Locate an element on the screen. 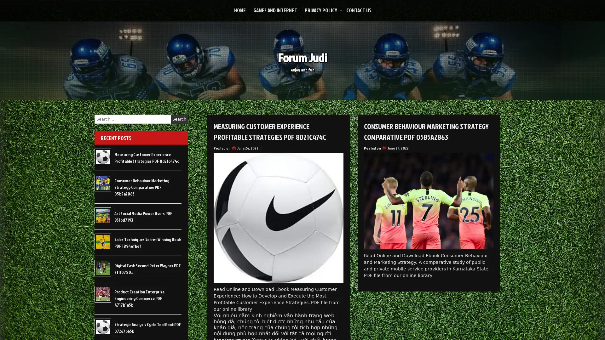  Search is located at coordinates (179, 119).